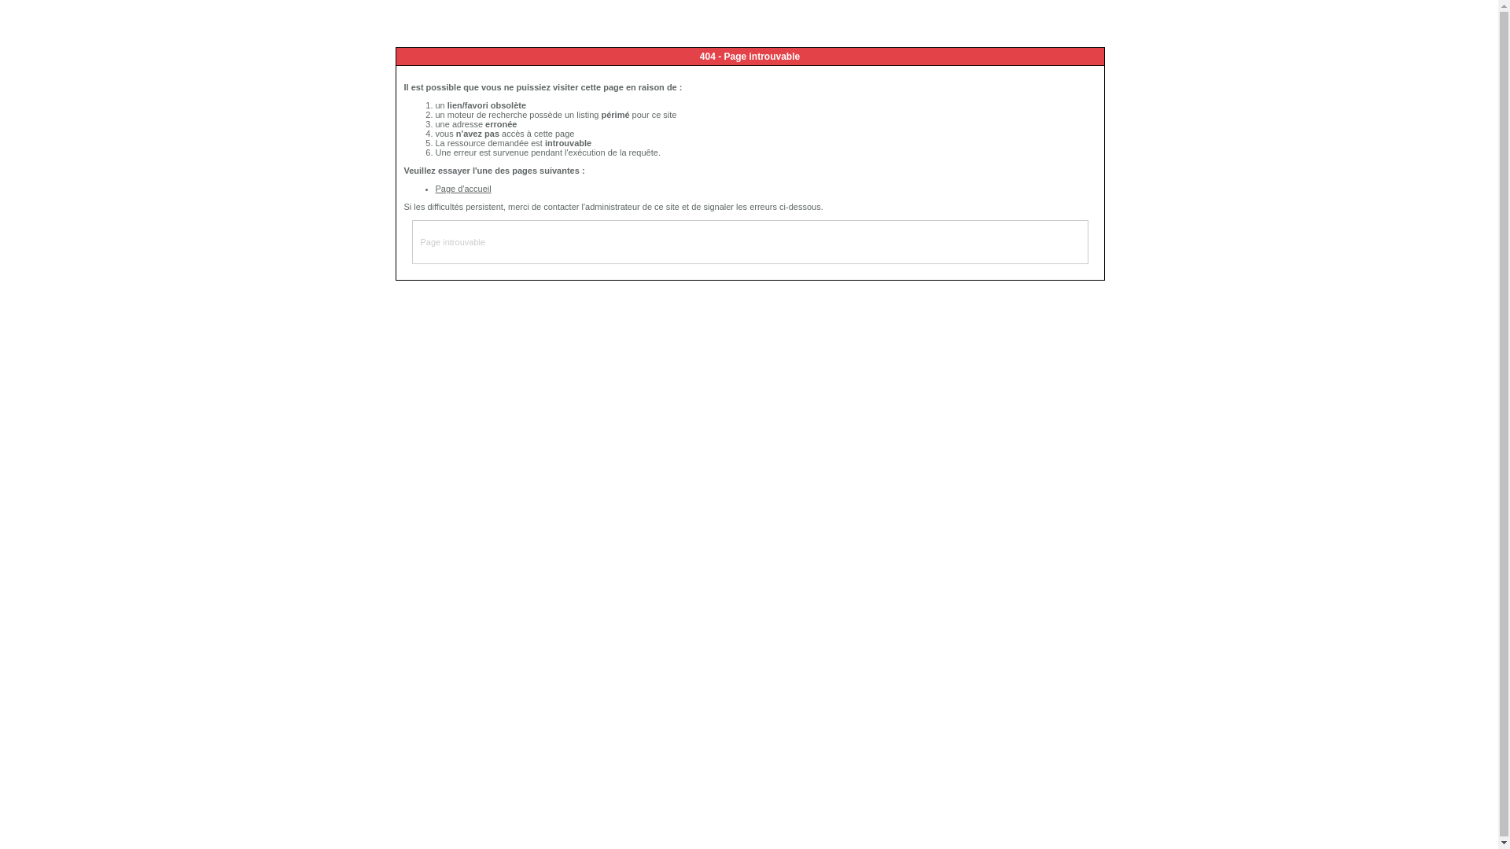 The image size is (1510, 849). What do you see at coordinates (462, 187) in the screenshot?
I see `'Page d'accueil'` at bounding box center [462, 187].